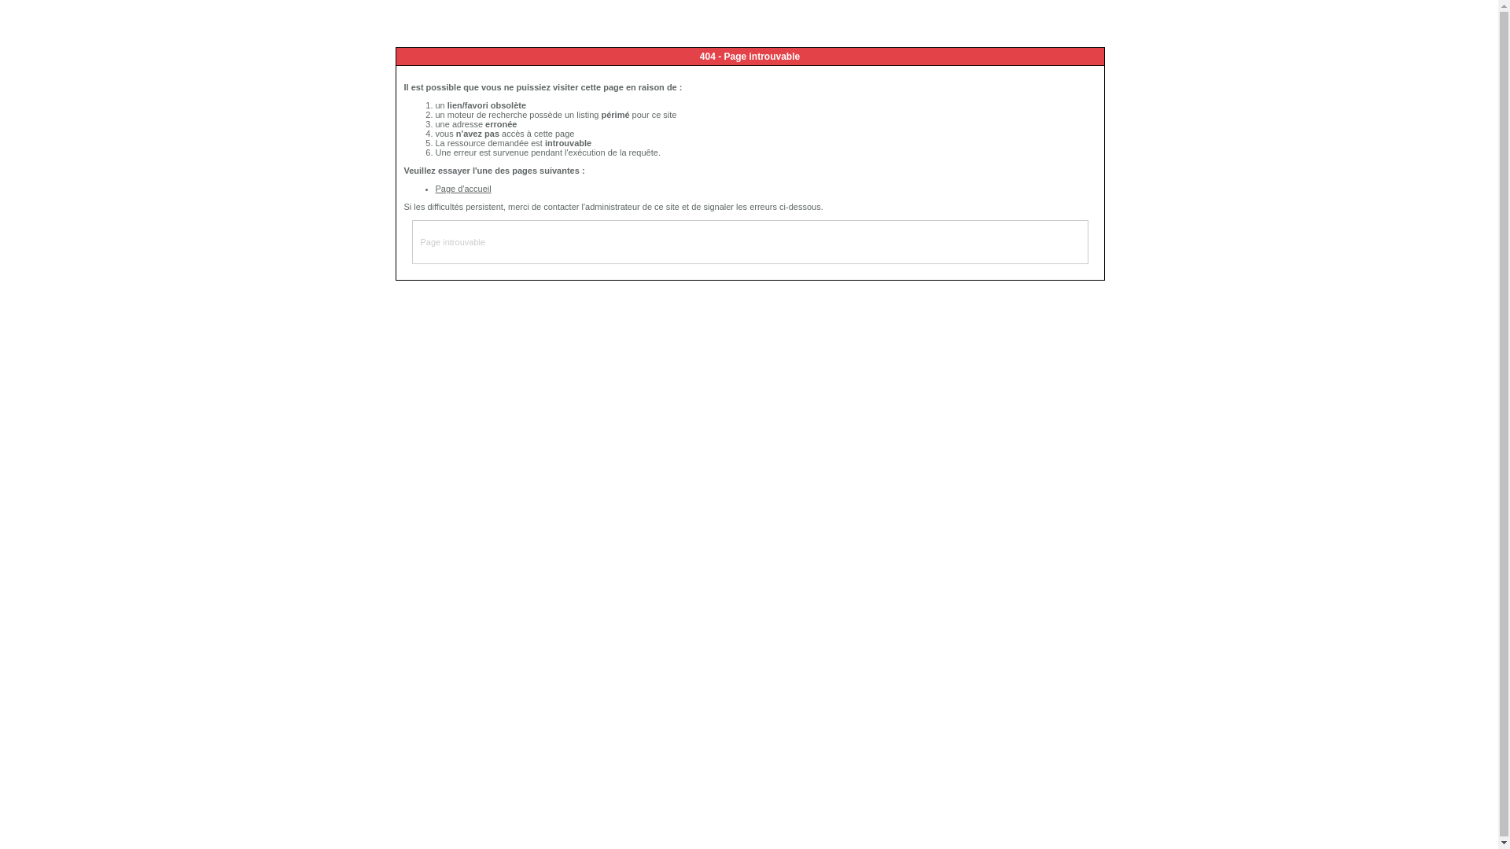 The image size is (1510, 849). What do you see at coordinates (462, 187) in the screenshot?
I see `'Page d'accueil'` at bounding box center [462, 187].